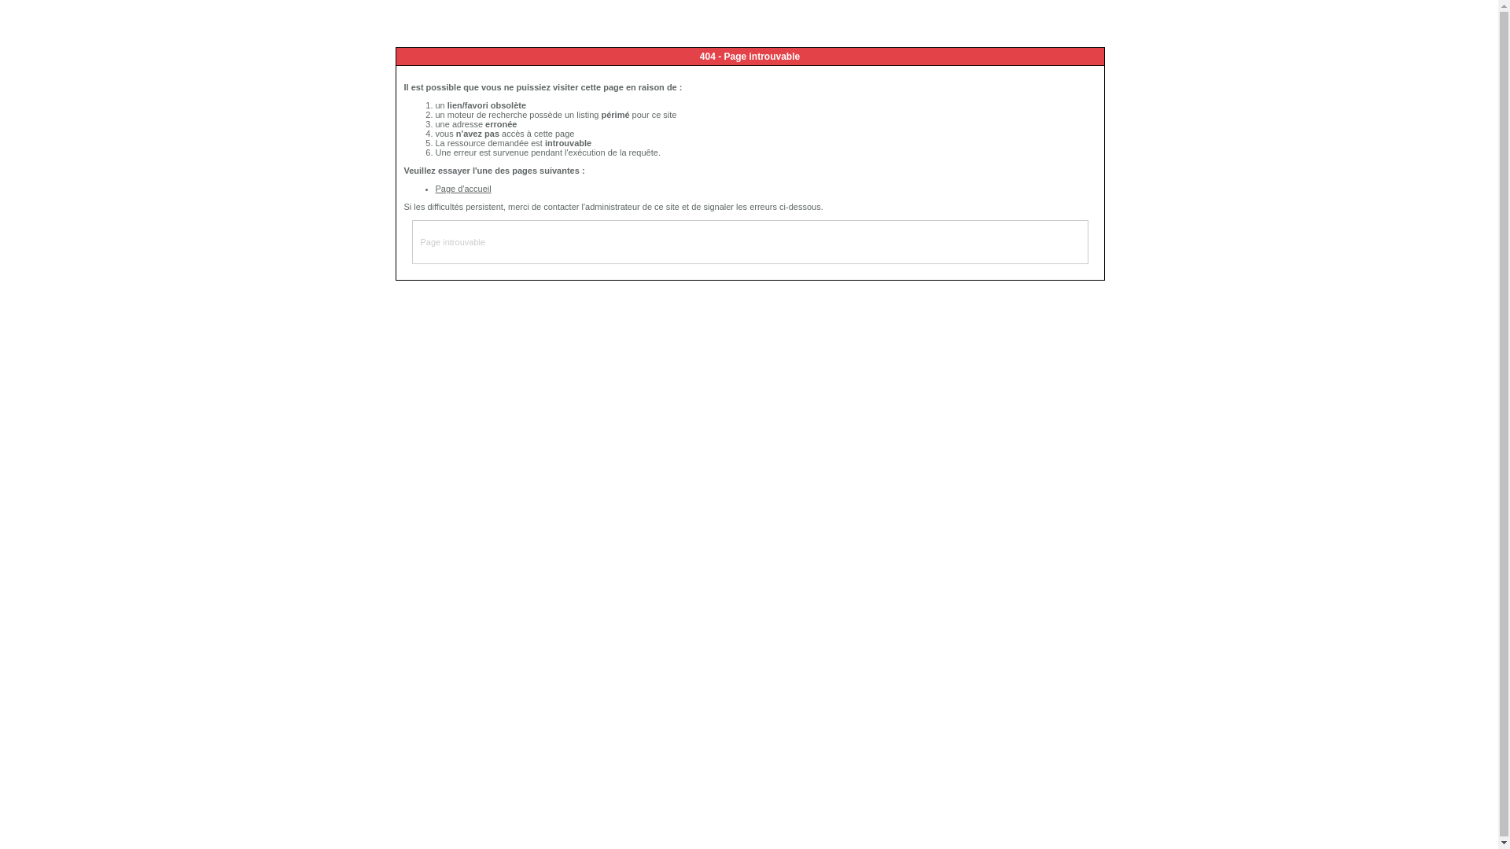 The image size is (1510, 849). What do you see at coordinates (462, 187) in the screenshot?
I see `'Page d'accueil'` at bounding box center [462, 187].